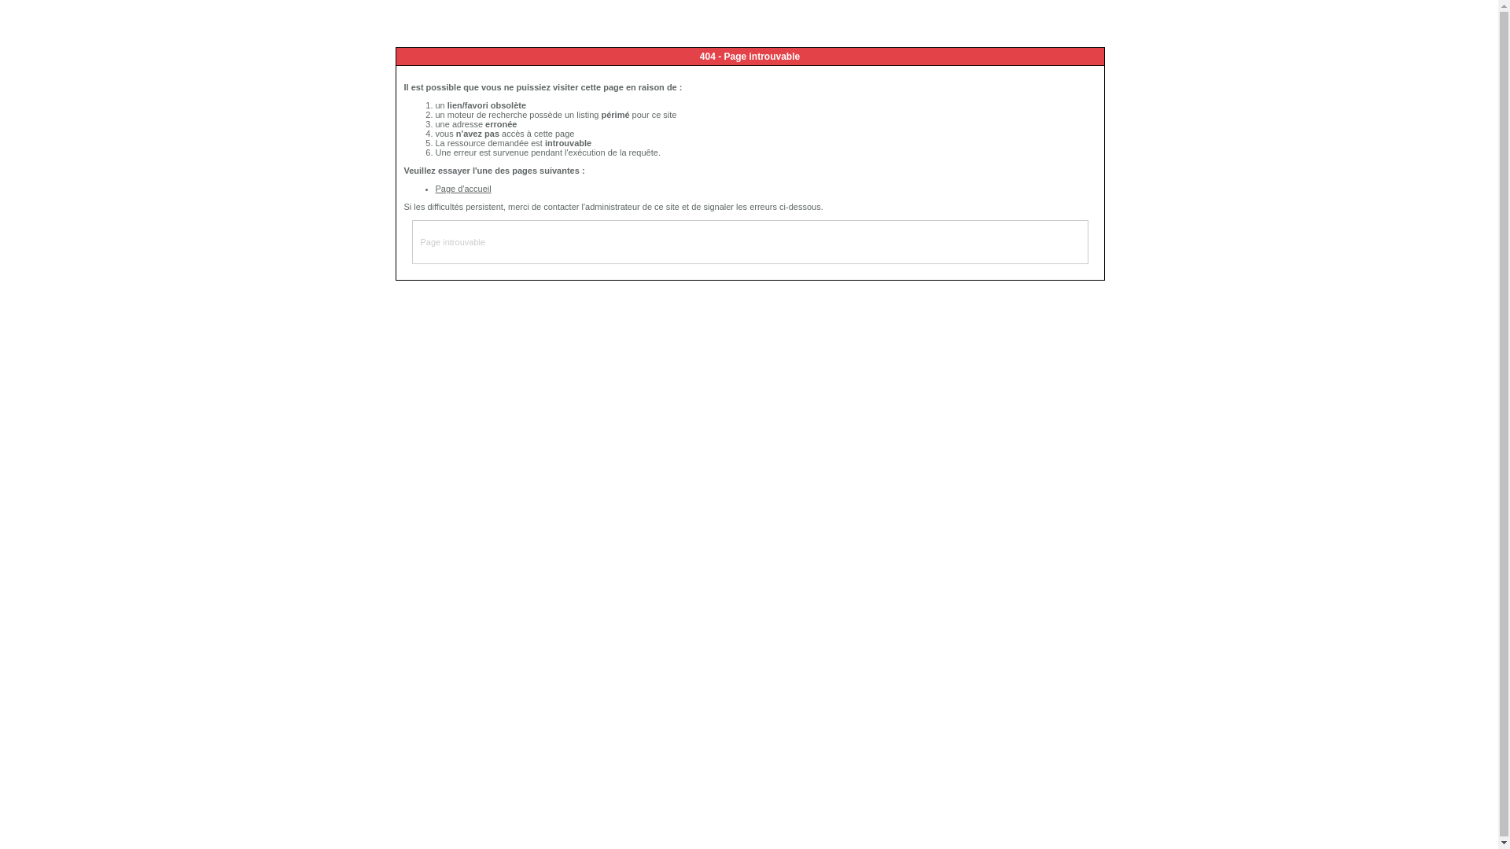 The image size is (1510, 849). What do you see at coordinates (462, 187) in the screenshot?
I see `'Page d'accueil'` at bounding box center [462, 187].